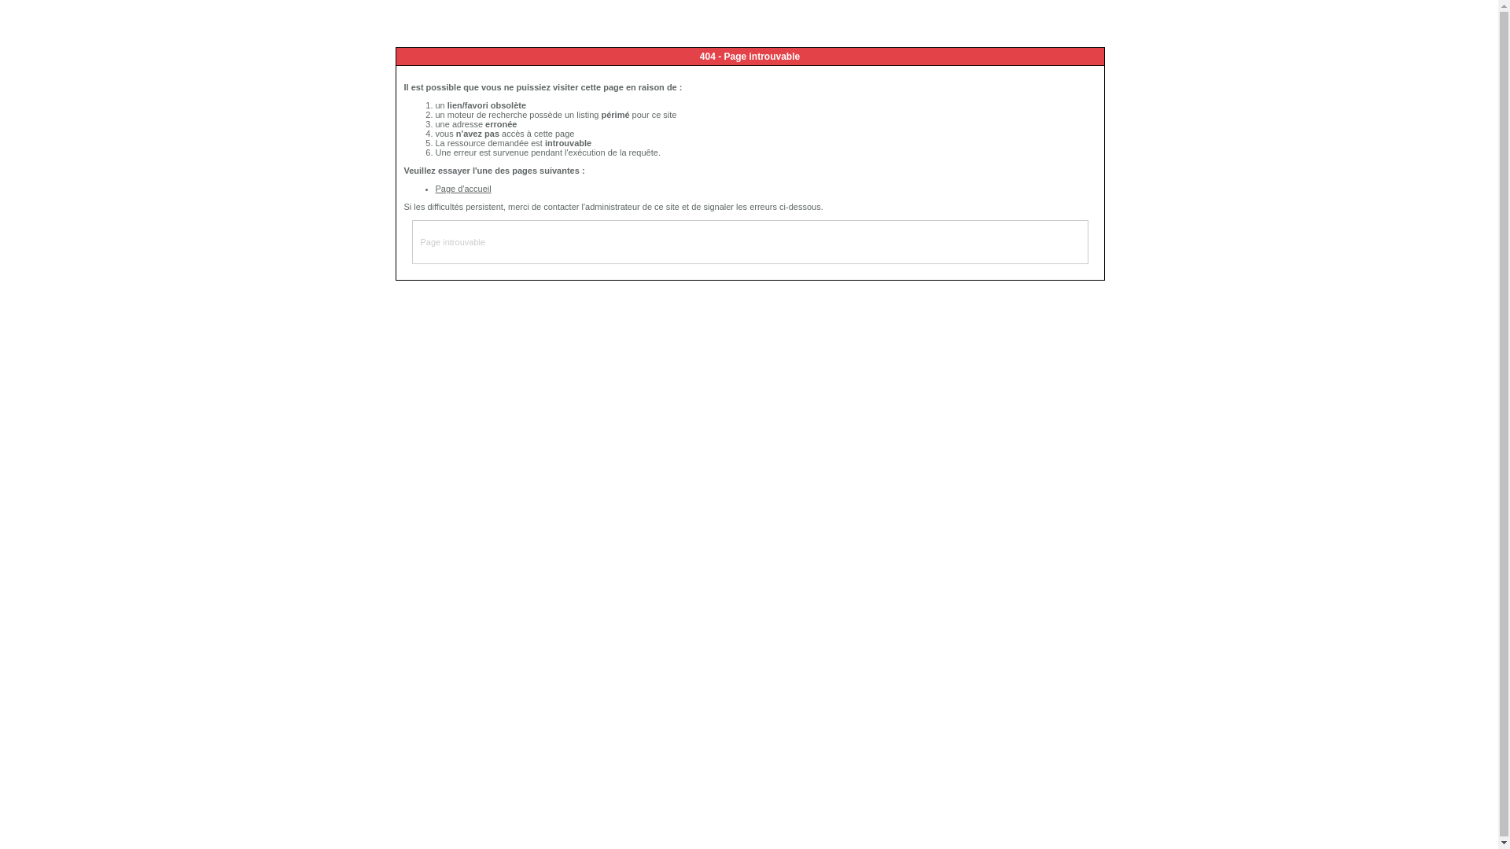 The image size is (1510, 849). What do you see at coordinates (462, 187) in the screenshot?
I see `'Page d'accueil'` at bounding box center [462, 187].